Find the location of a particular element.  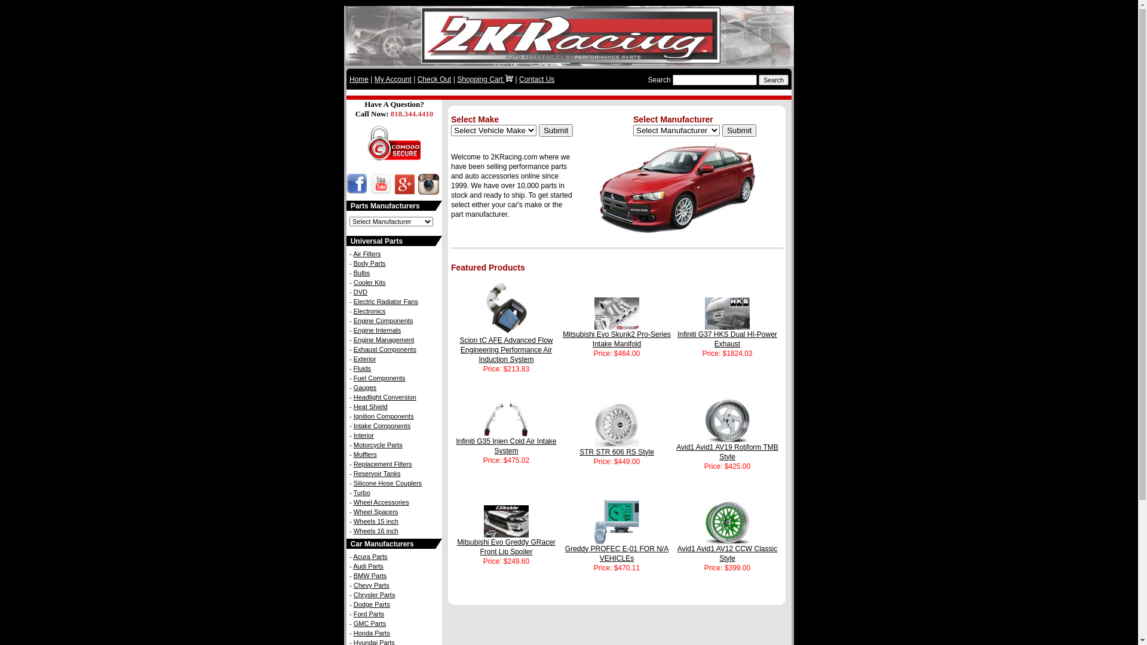

'Mitsubishi Evo Skunk2 Pro-Series Intake Manifold' is located at coordinates (562, 336).